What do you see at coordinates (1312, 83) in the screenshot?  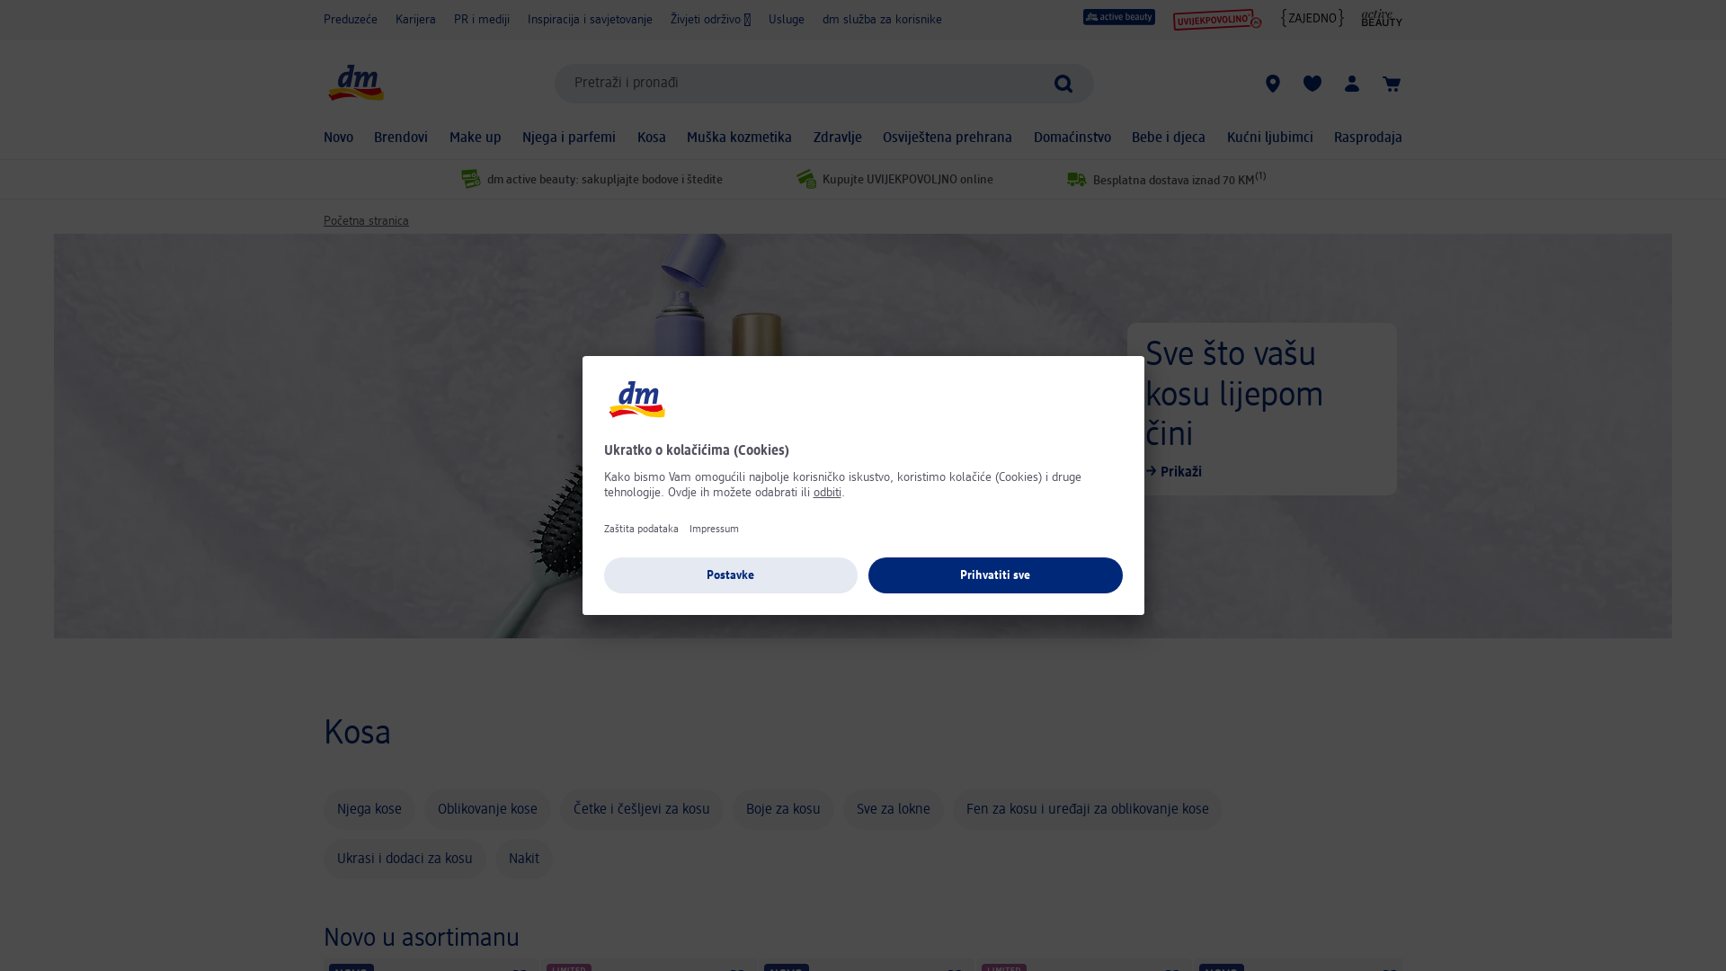 I see `'Moji spremljeni proizvodi & Moji proizvodi'` at bounding box center [1312, 83].